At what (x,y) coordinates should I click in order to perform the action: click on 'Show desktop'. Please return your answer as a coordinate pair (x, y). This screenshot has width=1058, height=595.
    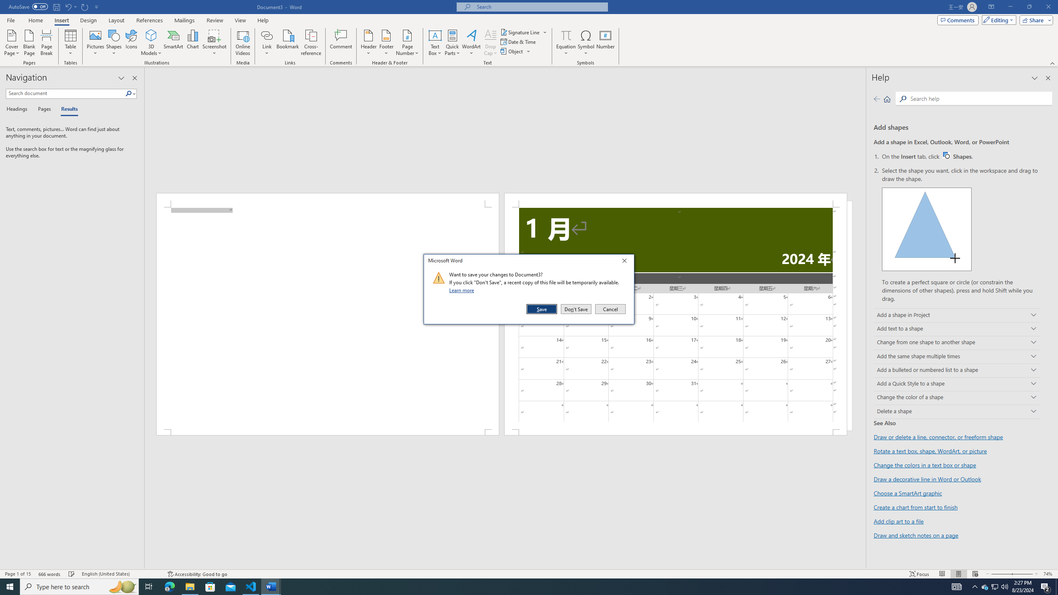
    Looking at the image, I should click on (1056, 586).